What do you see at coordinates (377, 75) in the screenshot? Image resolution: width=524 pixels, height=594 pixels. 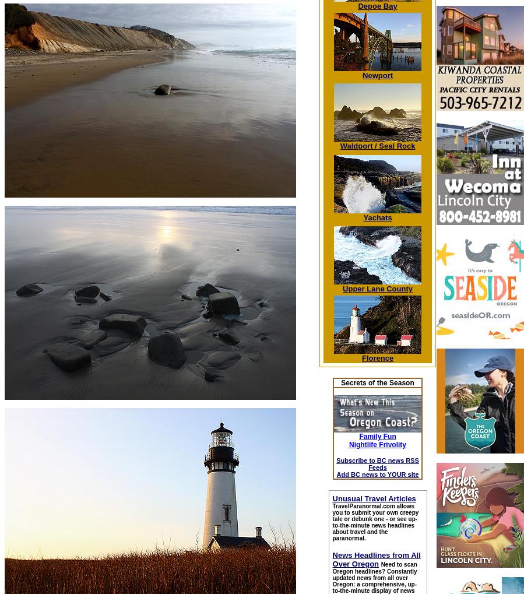 I see `'Newport'` at bounding box center [377, 75].